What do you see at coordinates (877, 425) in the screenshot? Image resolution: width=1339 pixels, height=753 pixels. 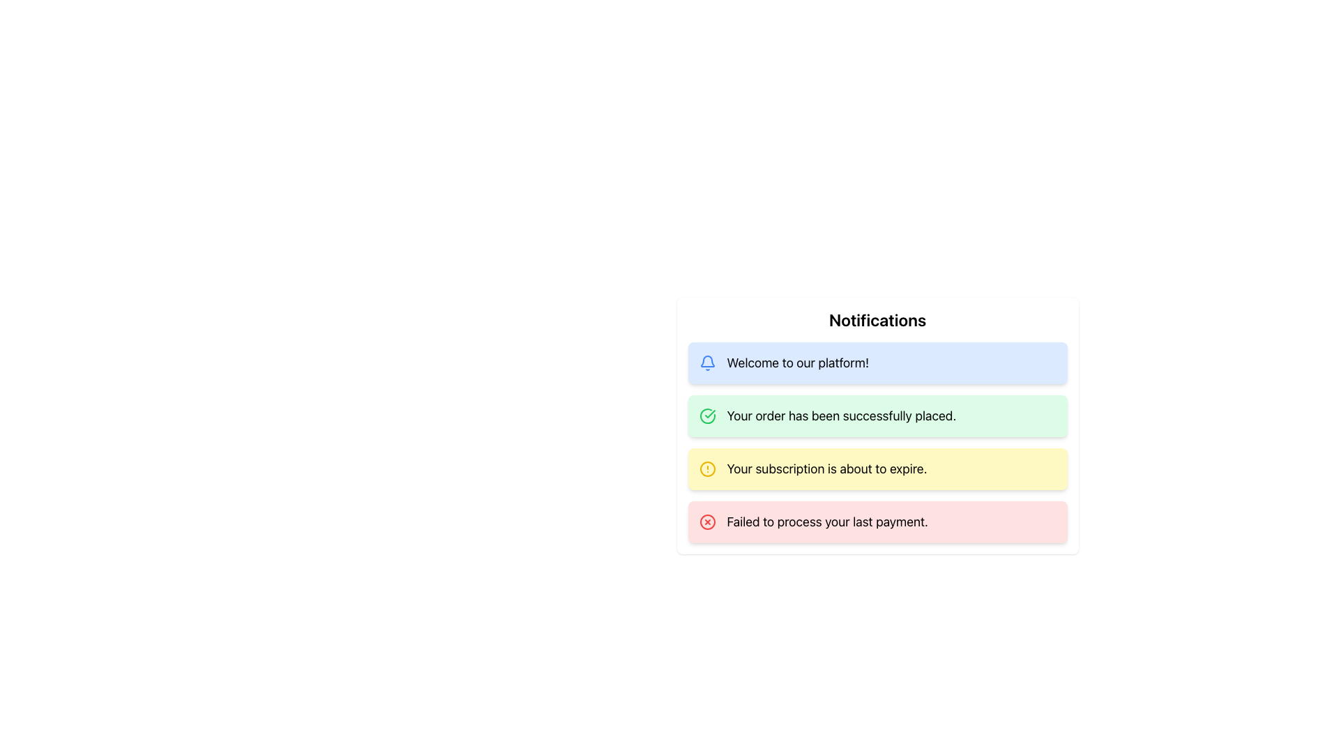 I see `the second notification message box located under the 'Notifications' header, which confirms that the user's order has been successfully placed` at bounding box center [877, 425].